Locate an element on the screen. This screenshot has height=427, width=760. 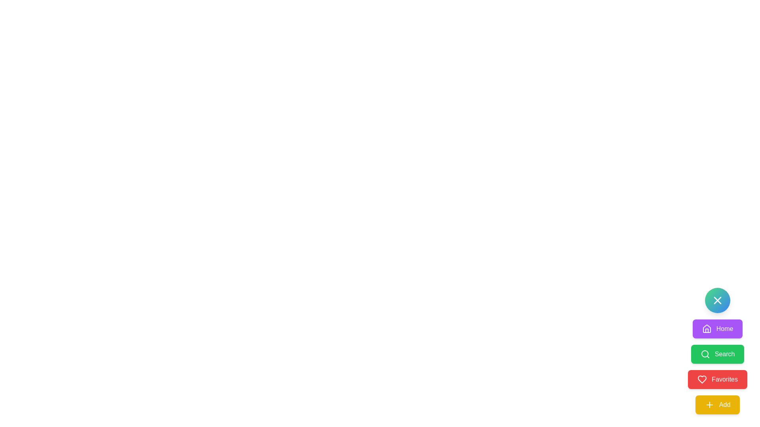
the 'Favorites' button, which is a bright red rectangular button with white text and a heart icon, positioned below the 'Search' button and above the 'Add' button is located at coordinates (718, 379).